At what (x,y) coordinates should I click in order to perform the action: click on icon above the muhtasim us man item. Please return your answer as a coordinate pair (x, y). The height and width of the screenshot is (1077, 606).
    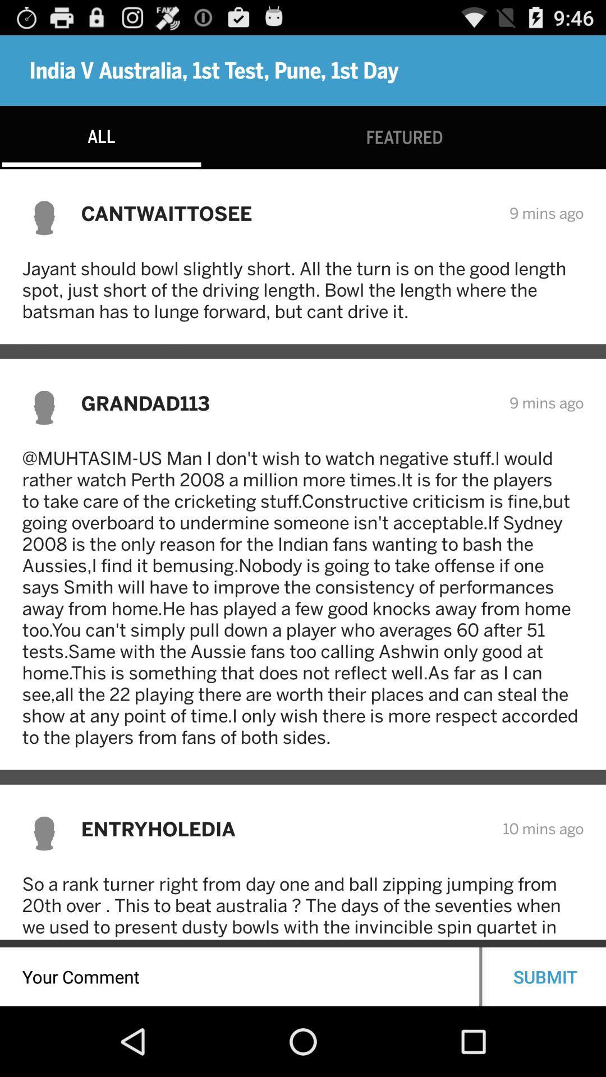
    Looking at the image, I should click on (287, 403).